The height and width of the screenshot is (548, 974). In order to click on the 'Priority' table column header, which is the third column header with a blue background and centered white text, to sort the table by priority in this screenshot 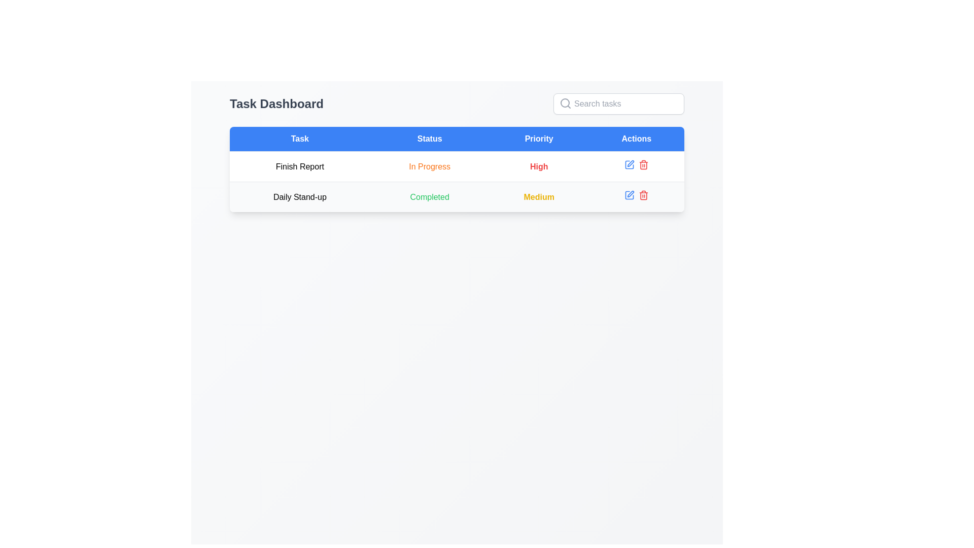, I will do `click(538, 139)`.